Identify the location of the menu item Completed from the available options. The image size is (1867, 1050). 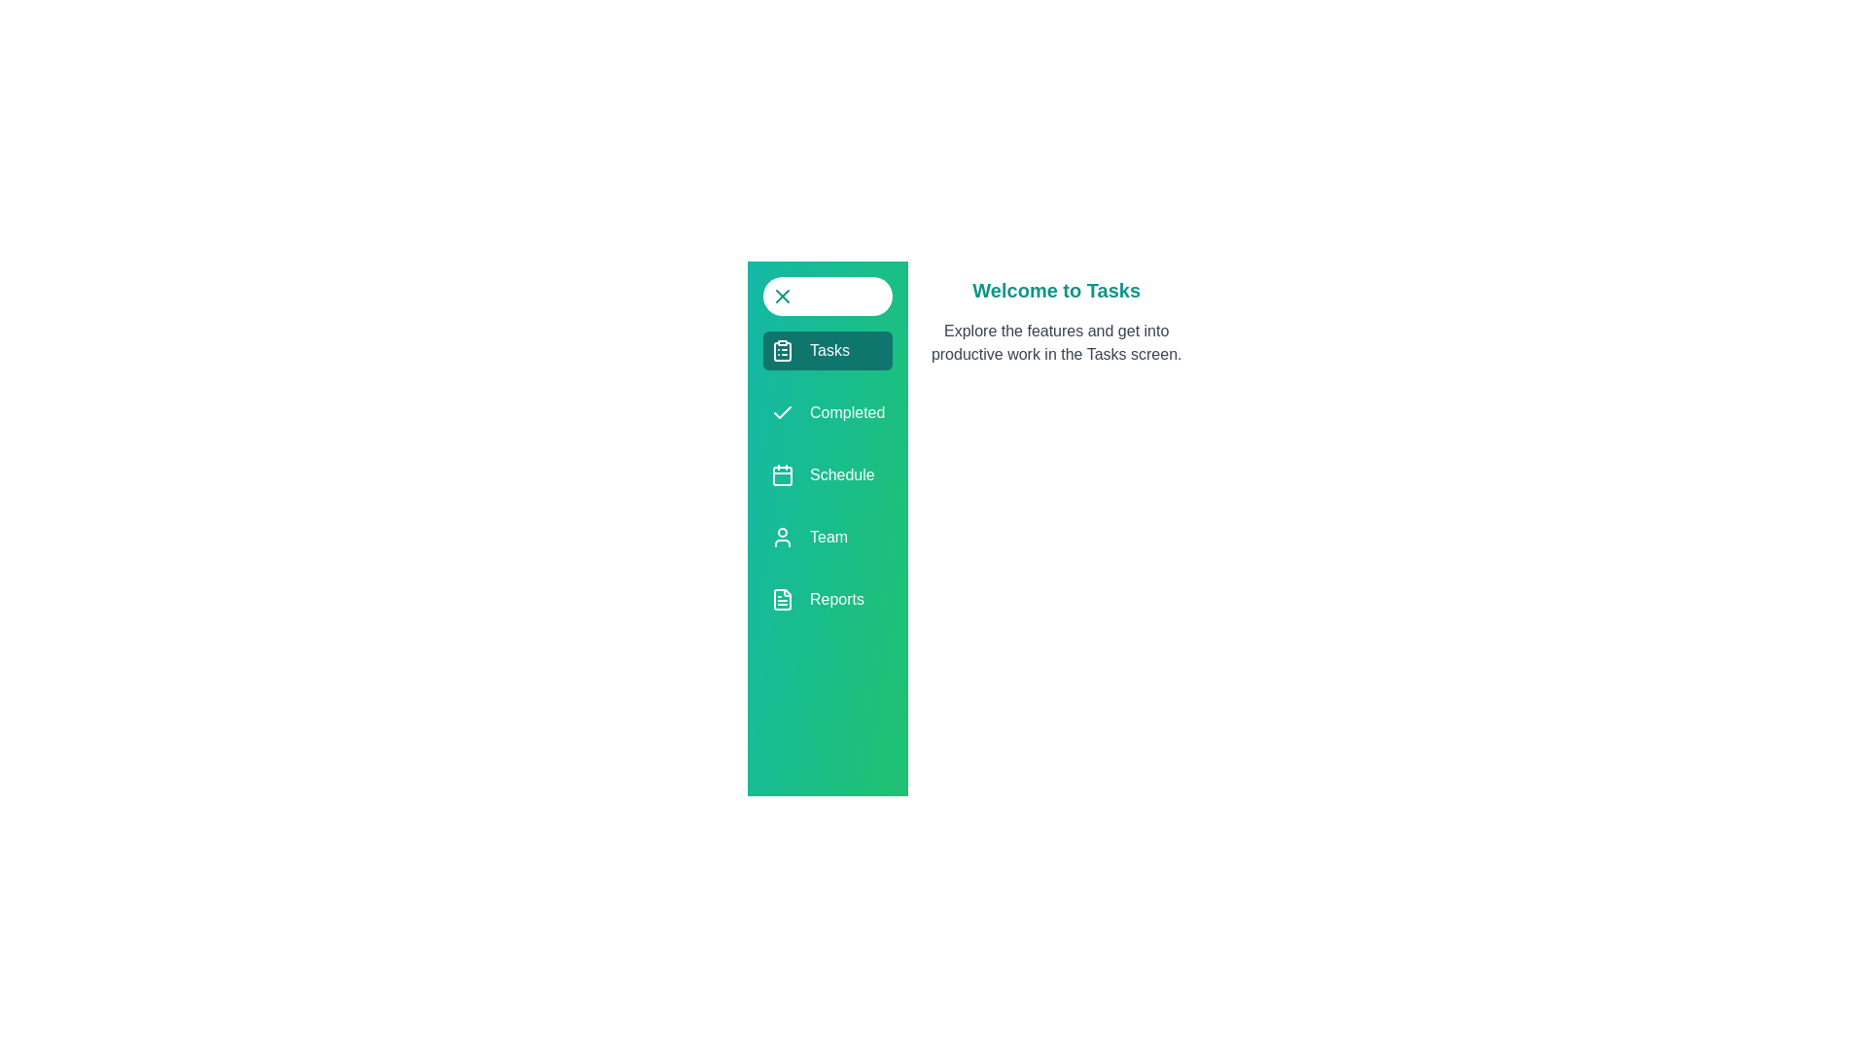
(827, 411).